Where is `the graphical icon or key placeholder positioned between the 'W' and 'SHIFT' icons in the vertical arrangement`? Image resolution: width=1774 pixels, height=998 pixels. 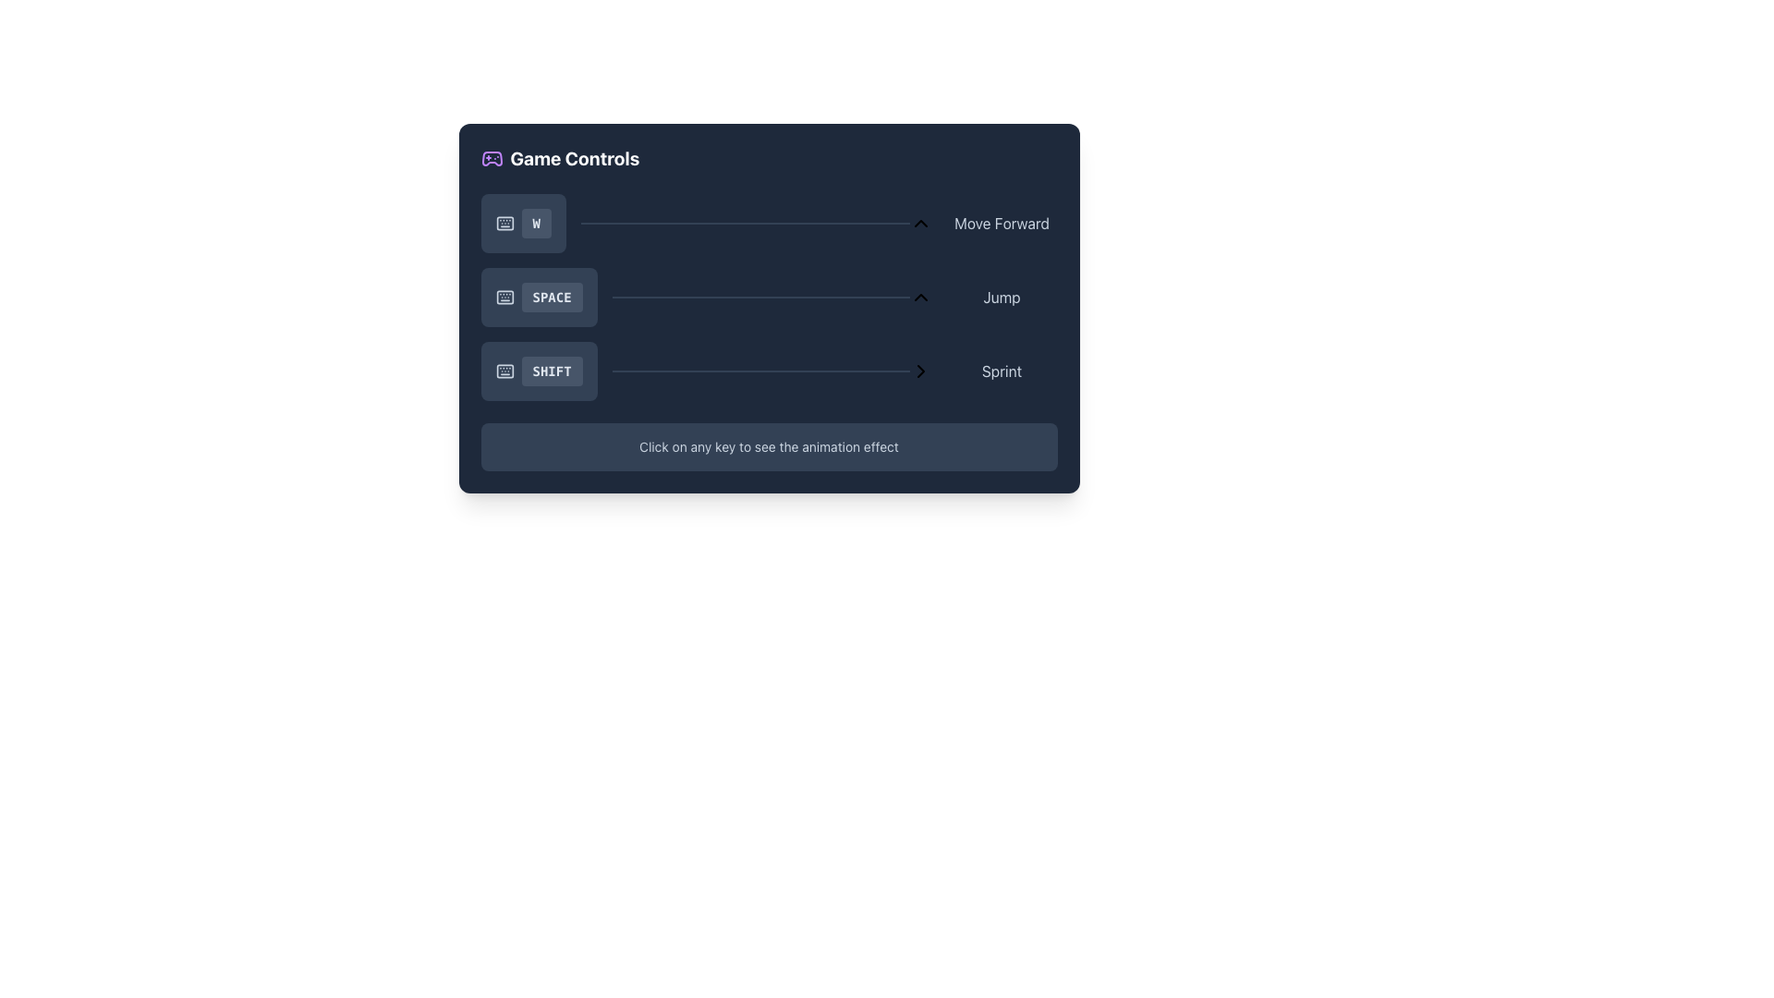 the graphical icon or key placeholder positioned between the 'W' and 'SHIFT' icons in the vertical arrangement is located at coordinates (504, 296).